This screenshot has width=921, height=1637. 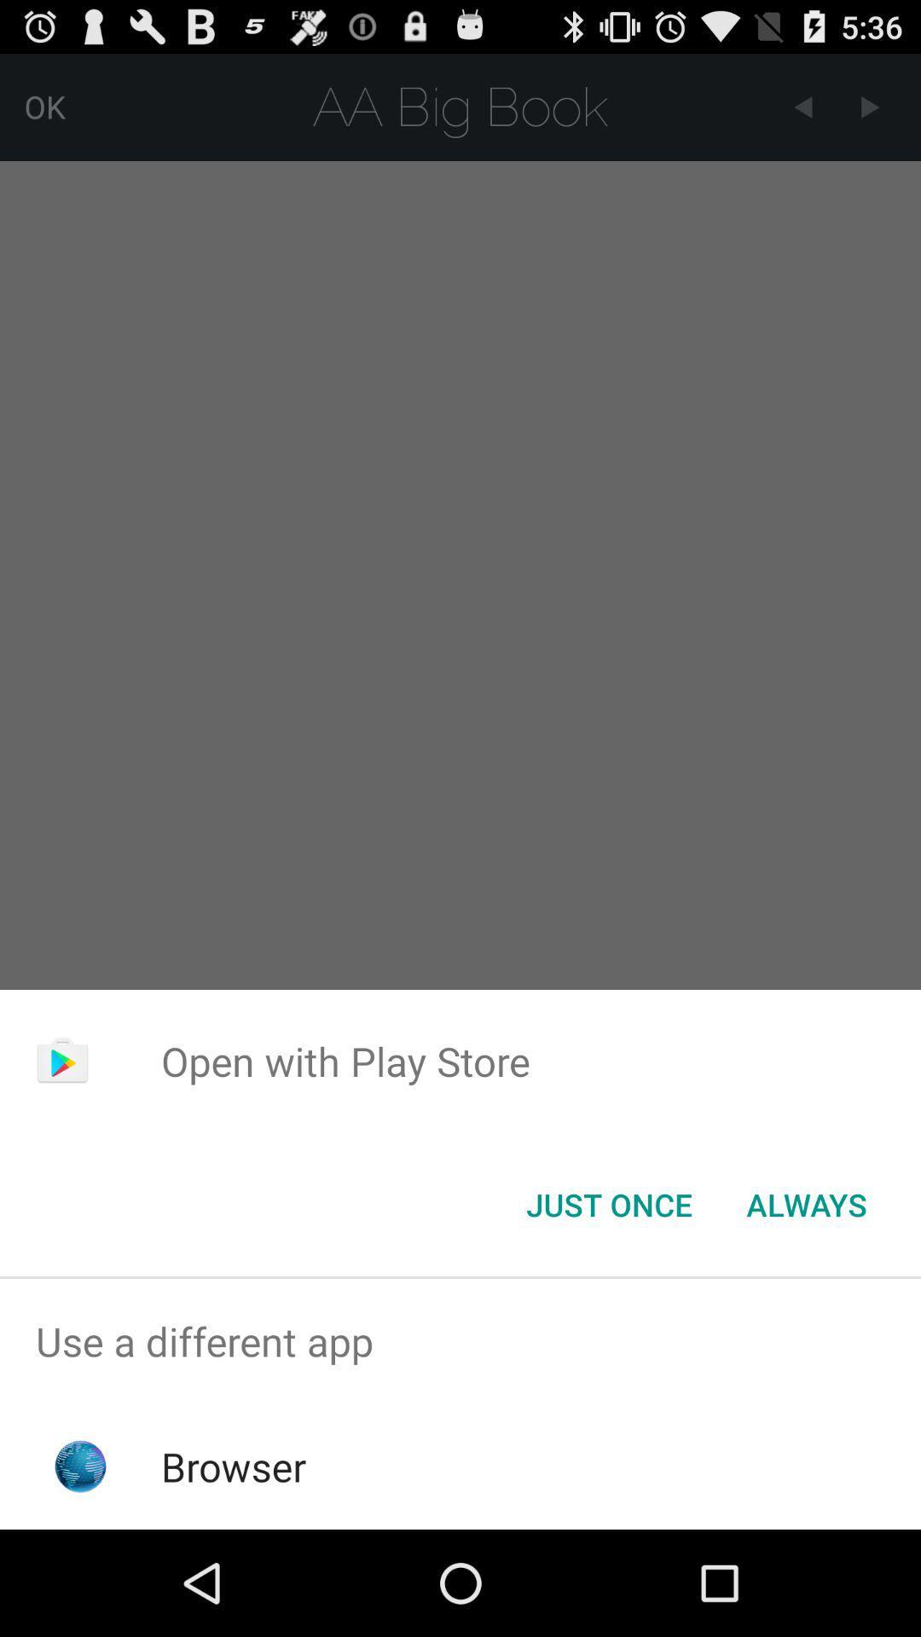 What do you see at coordinates (806, 1203) in the screenshot?
I see `the icon at the bottom right corner` at bounding box center [806, 1203].